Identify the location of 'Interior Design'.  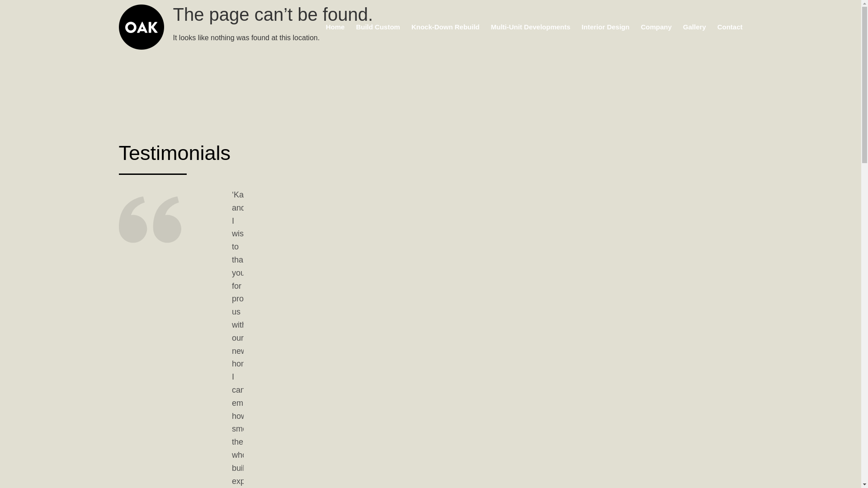
(605, 27).